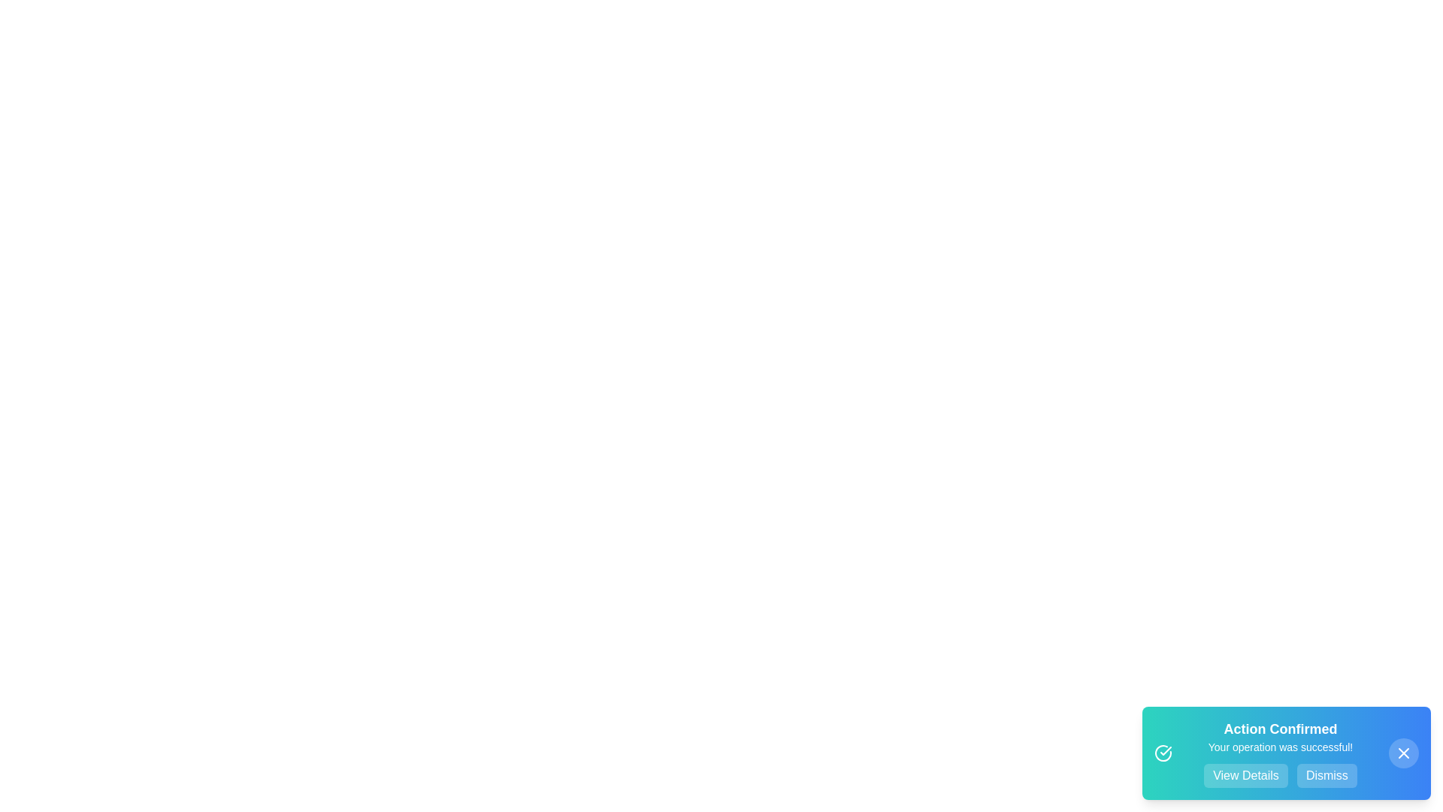 The image size is (1443, 812). What do you see at coordinates (1183, 718) in the screenshot?
I see `the text content of the snackbar for copying` at bounding box center [1183, 718].